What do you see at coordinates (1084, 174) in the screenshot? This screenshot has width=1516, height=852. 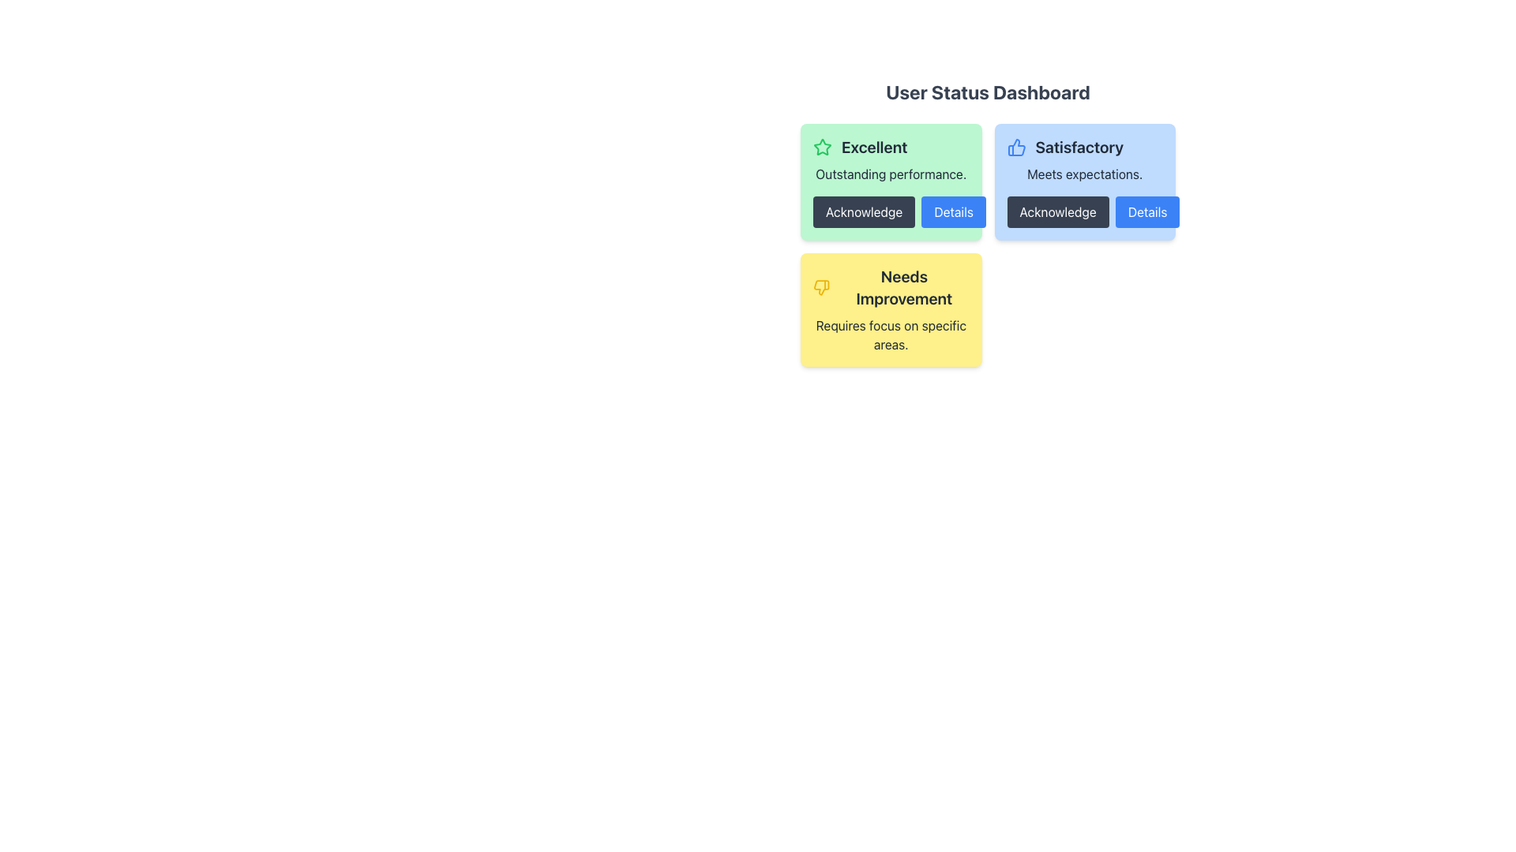 I see `evaluative feedback text located below 'Satisfactory' and above the 'Acknowledge' and 'Details' buttons` at bounding box center [1084, 174].